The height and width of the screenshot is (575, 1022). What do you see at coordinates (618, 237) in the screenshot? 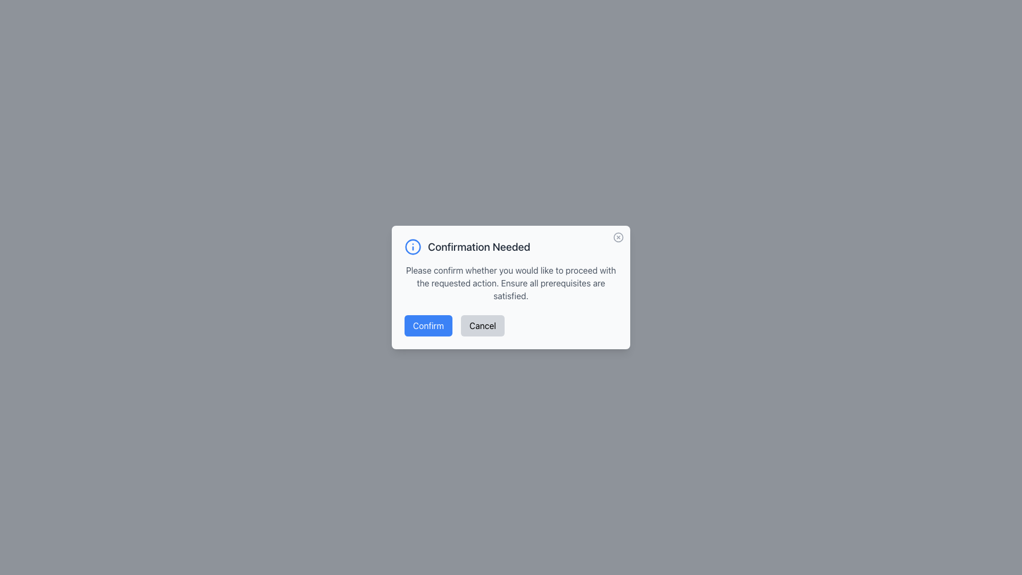
I see `the circular component of the close button located in the top-right corner of the modal dialog box` at bounding box center [618, 237].